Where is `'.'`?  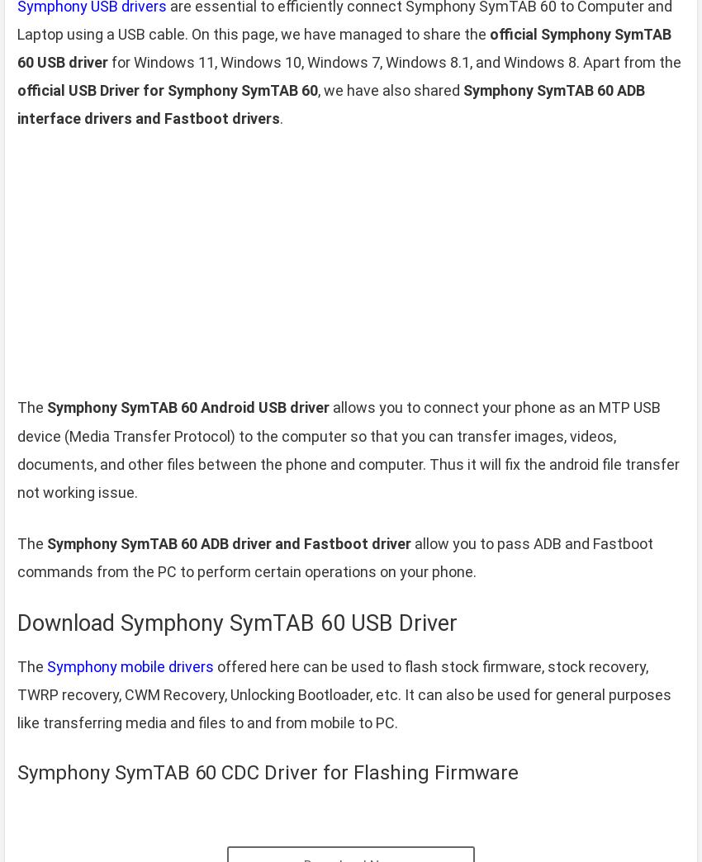
'.' is located at coordinates (281, 117).